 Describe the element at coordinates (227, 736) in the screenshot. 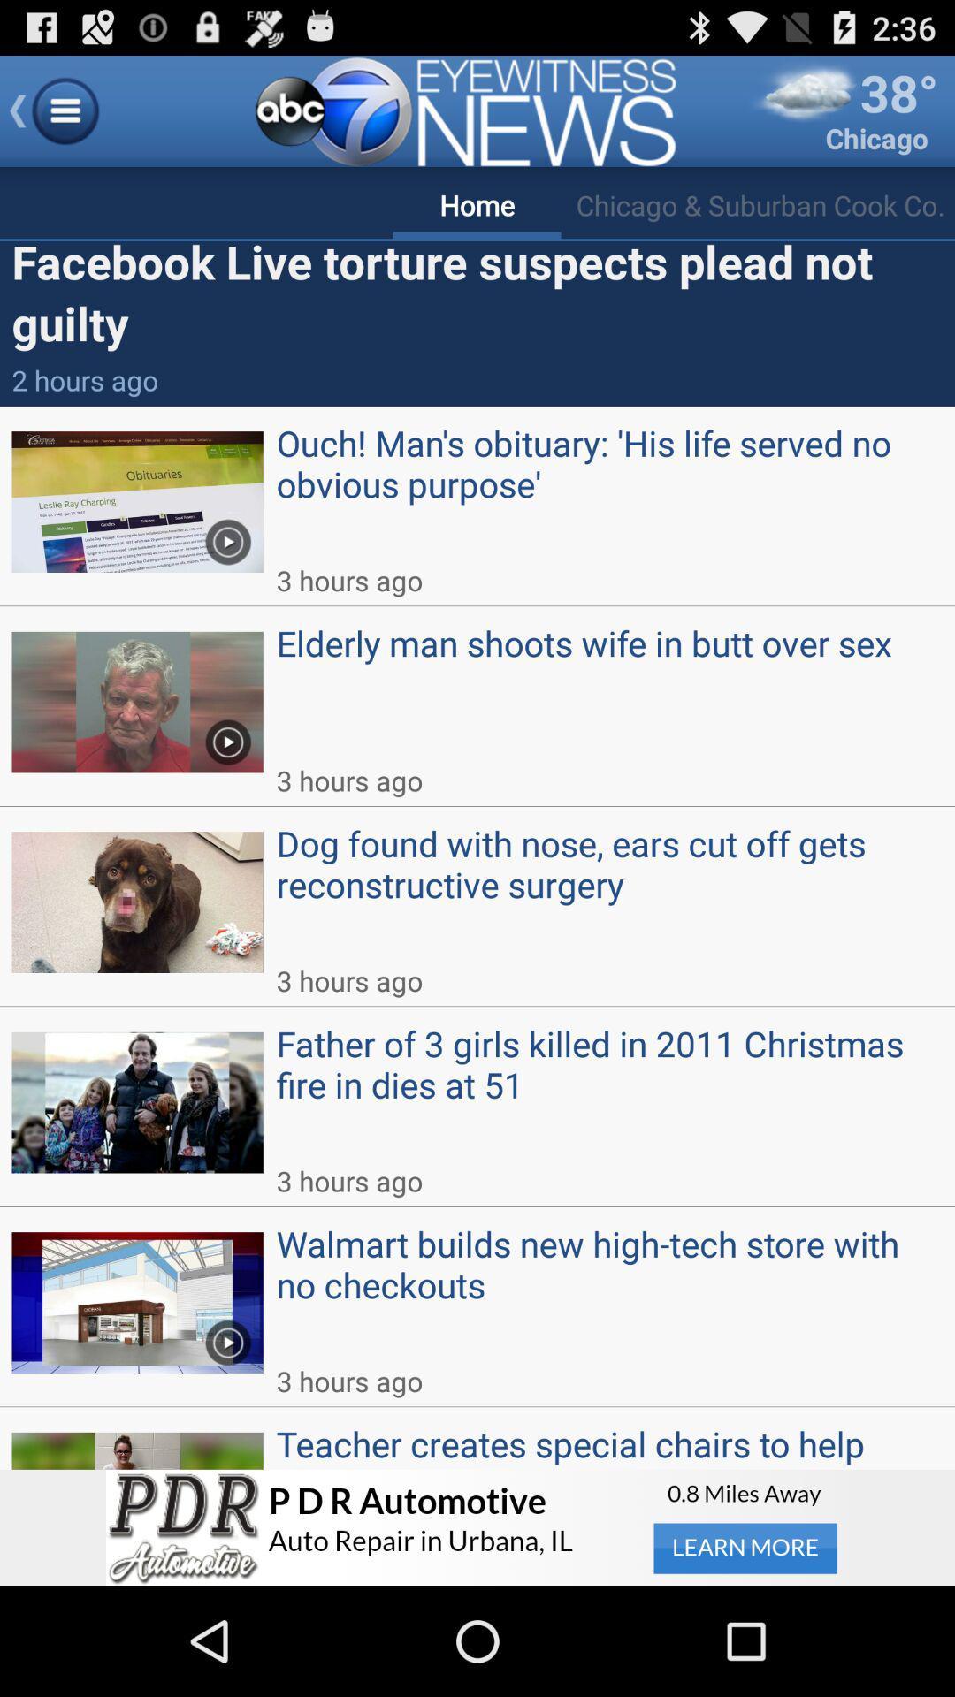

I see `the play option to the left of the text elderly man shoots wife in butt over sex` at that location.